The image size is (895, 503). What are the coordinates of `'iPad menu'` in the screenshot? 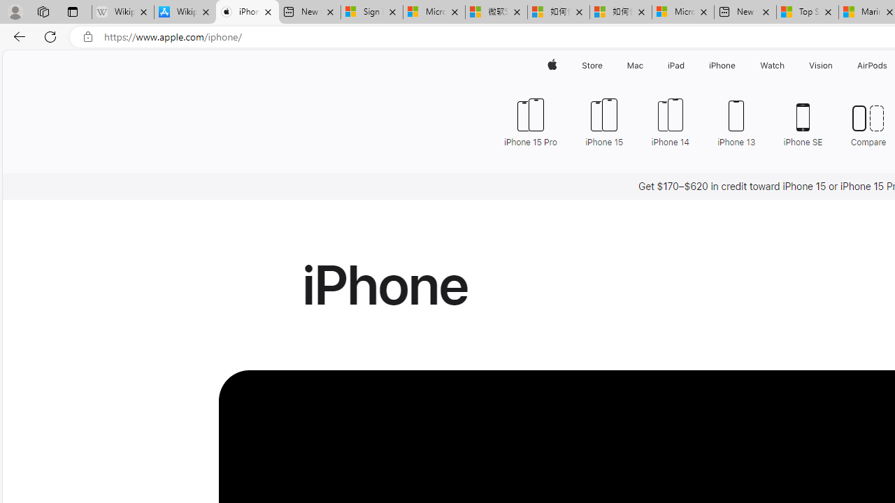 It's located at (687, 65).